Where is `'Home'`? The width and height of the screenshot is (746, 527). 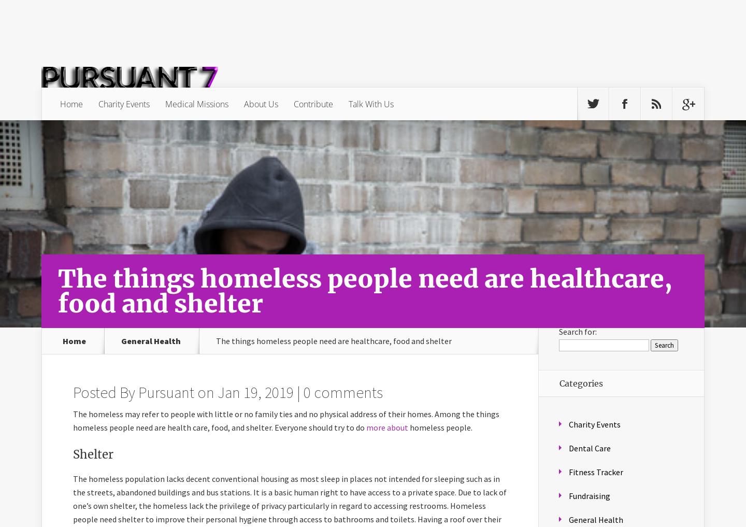
'Home' is located at coordinates (74, 340).